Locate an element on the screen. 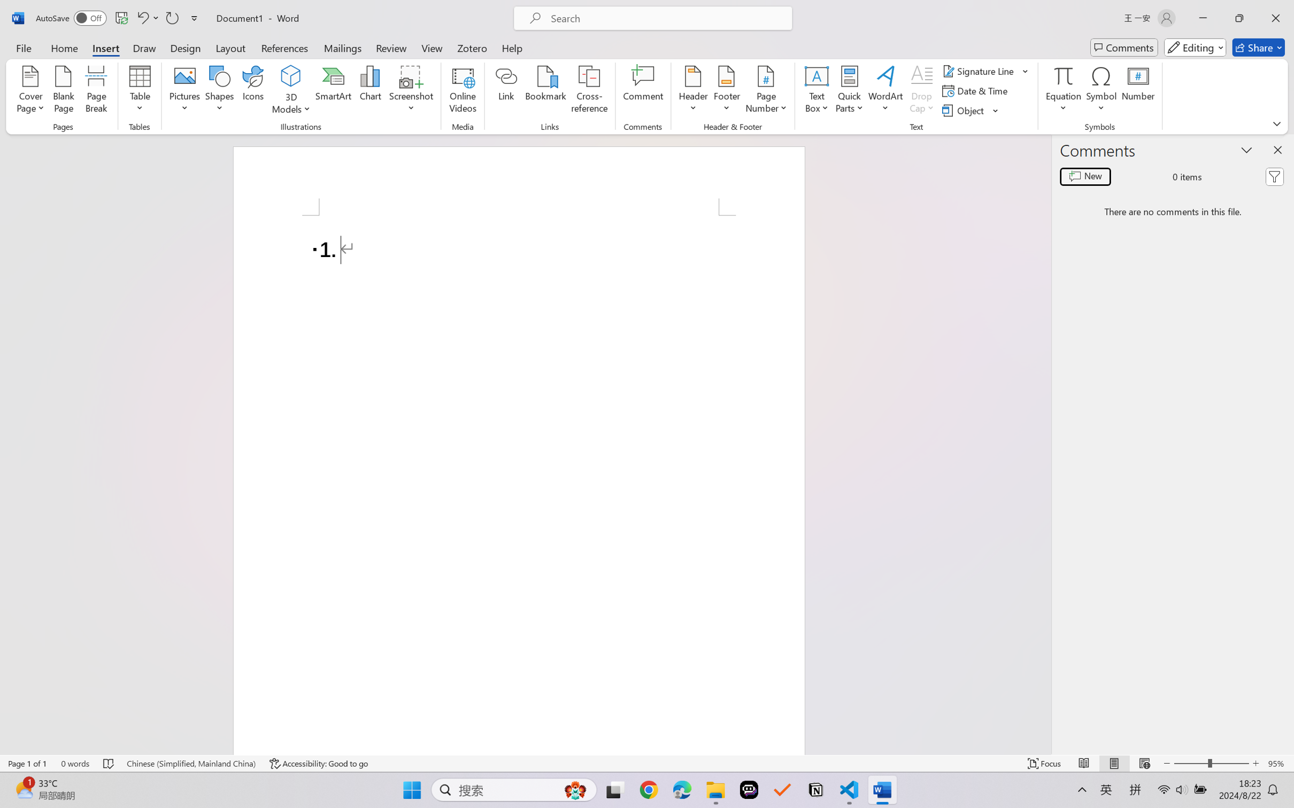 The width and height of the screenshot is (1294, 808). 'Language Chinese (Simplified, Mainland China)' is located at coordinates (190, 763).